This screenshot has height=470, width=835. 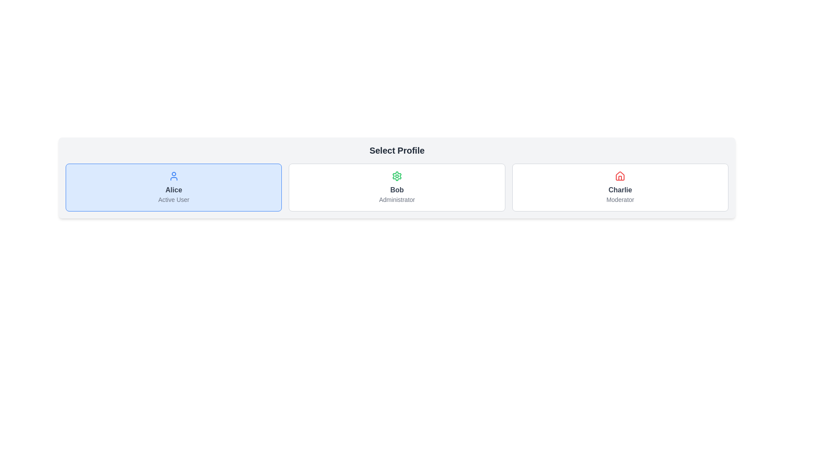 I want to click on the 'Moderator' text label, which is styled in gray and located beneath the 'Charlie' label within a profile card, so click(x=620, y=200).